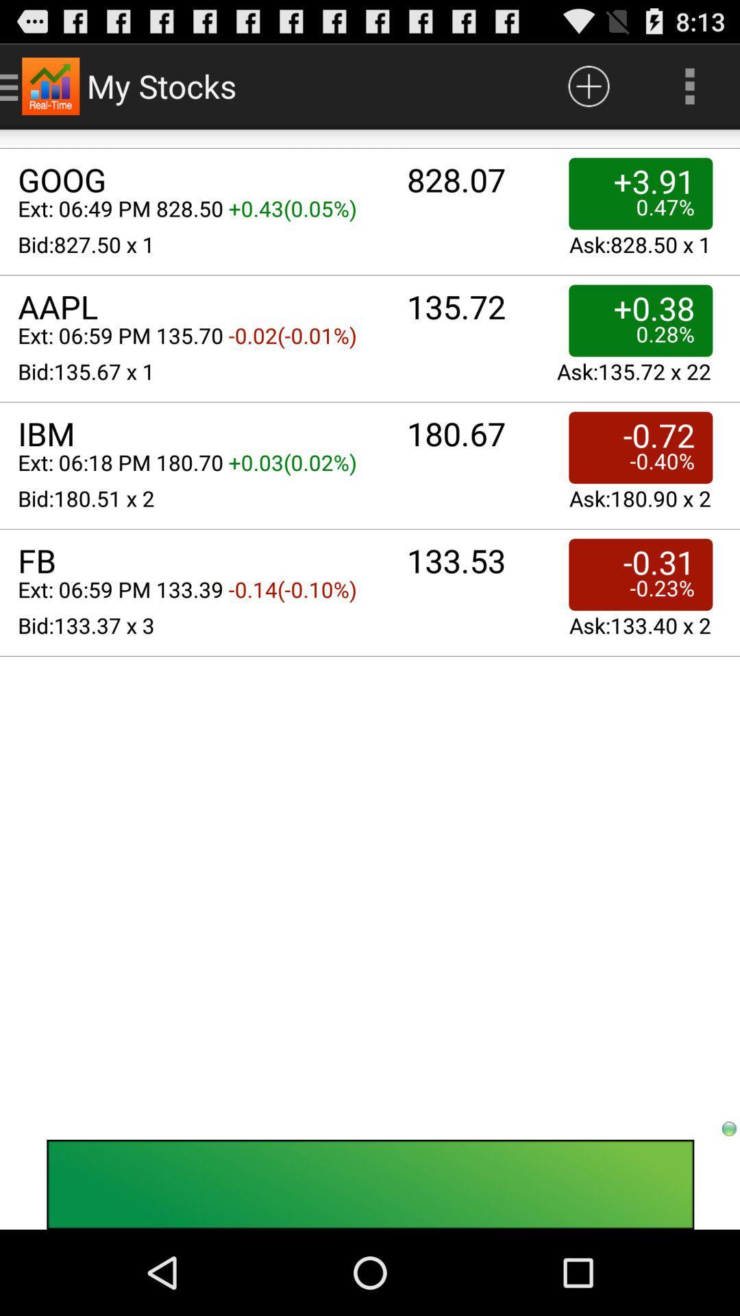  What do you see at coordinates (588, 85) in the screenshot?
I see `listing` at bounding box center [588, 85].